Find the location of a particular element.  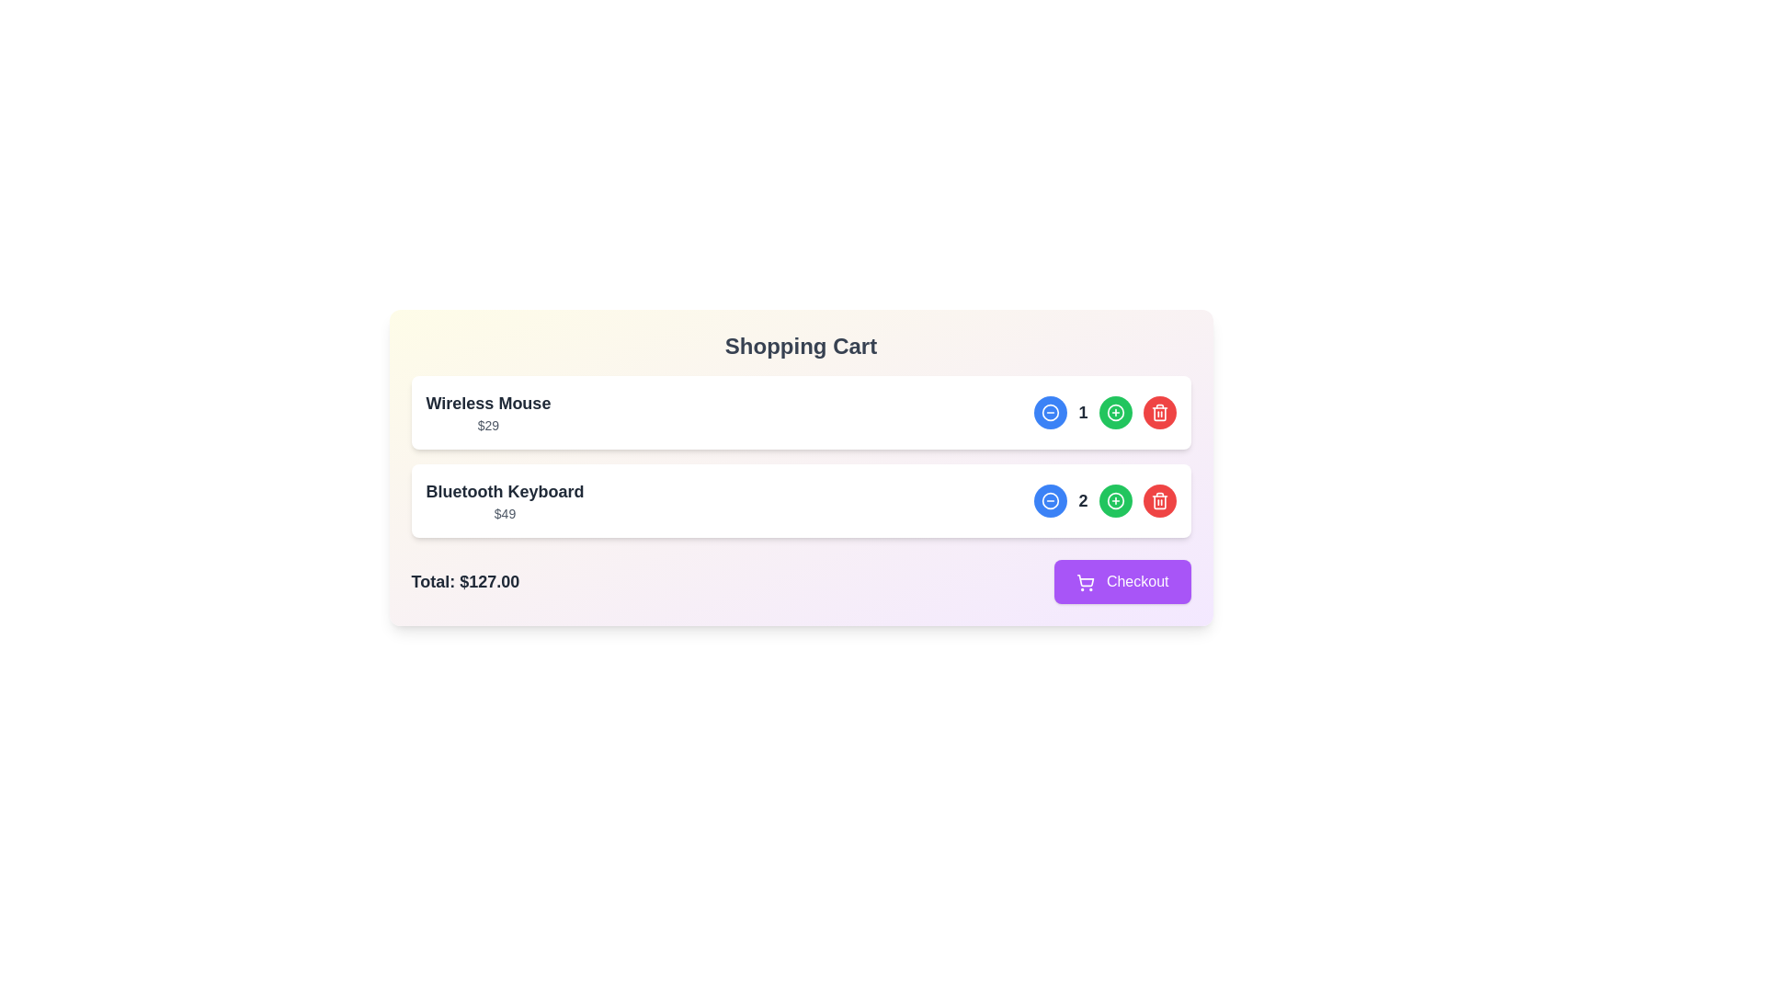

the circular element that encloses the '+' symbol to increase the quantity of the Bluetooth Keyboard is located at coordinates (1114, 500).